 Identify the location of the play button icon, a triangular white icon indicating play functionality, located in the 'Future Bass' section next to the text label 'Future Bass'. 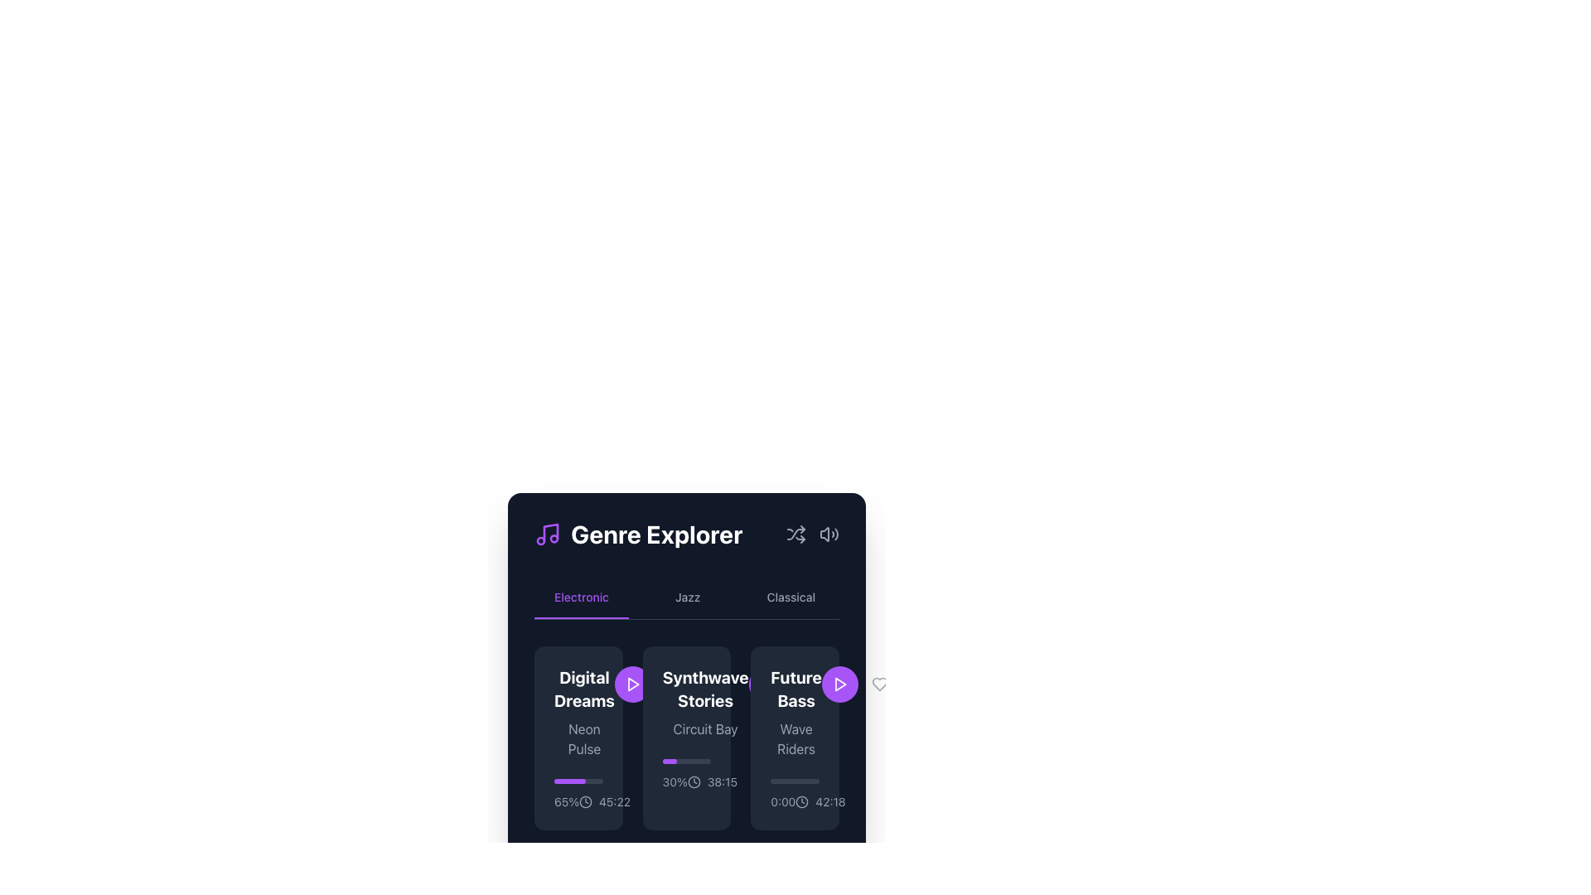
(766, 684).